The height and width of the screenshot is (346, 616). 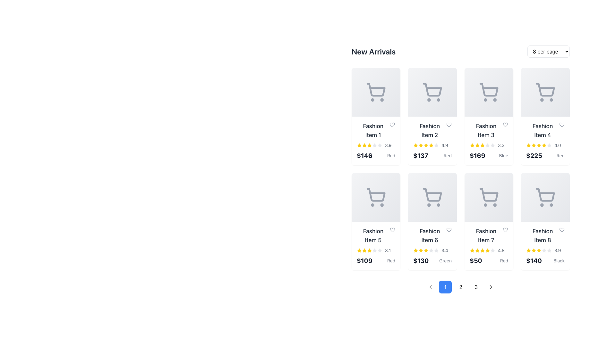 I want to click on the filled star icon in the rating system for 'Fashion Item 7' located in the second row, third column of the grid to rate it, so click(x=492, y=250).